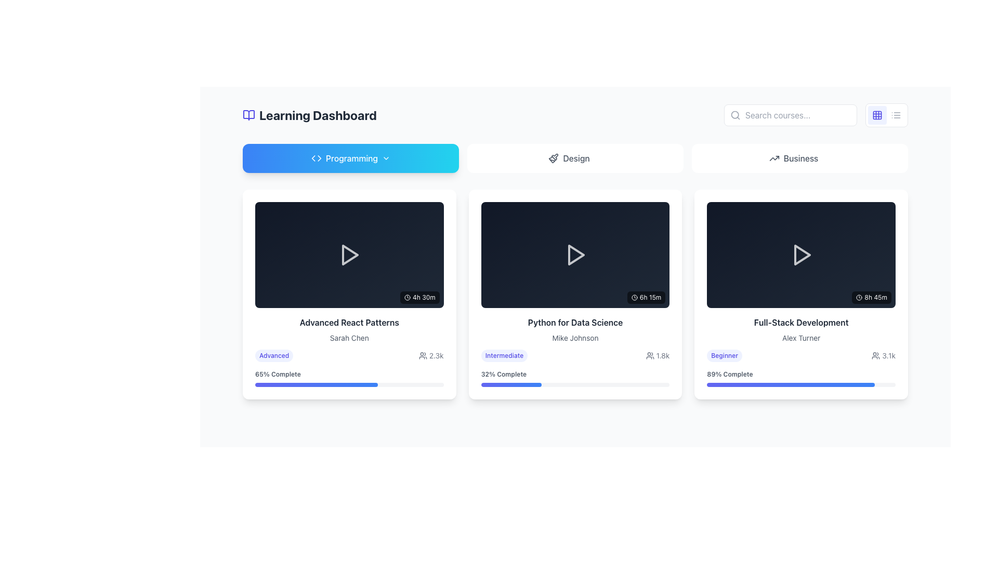 This screenshot has height=561, width=998. Describe the element at coordinates (734, 115) in the screenshot. I see `the circular centerpiece of the magnifying glass icon located in the top-right corner of the user interface, next to the course search input field` at that location.